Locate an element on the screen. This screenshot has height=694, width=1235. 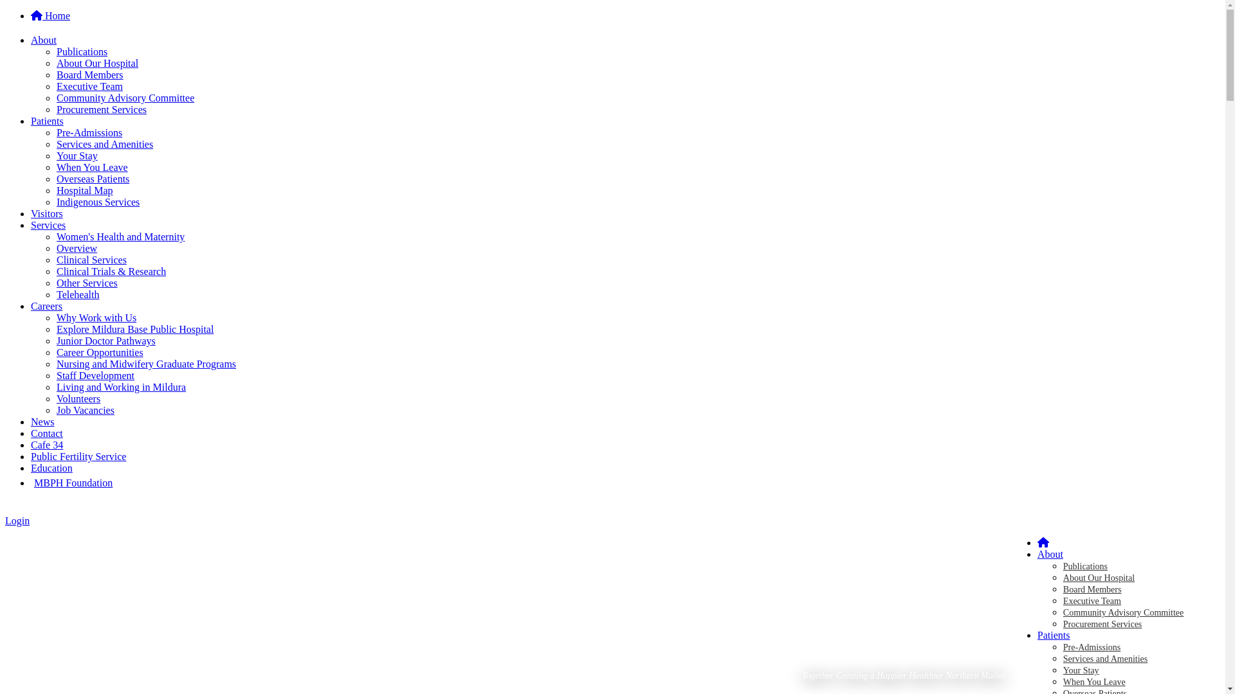
'Overseas Patients' is located at coordinates (92, 179).